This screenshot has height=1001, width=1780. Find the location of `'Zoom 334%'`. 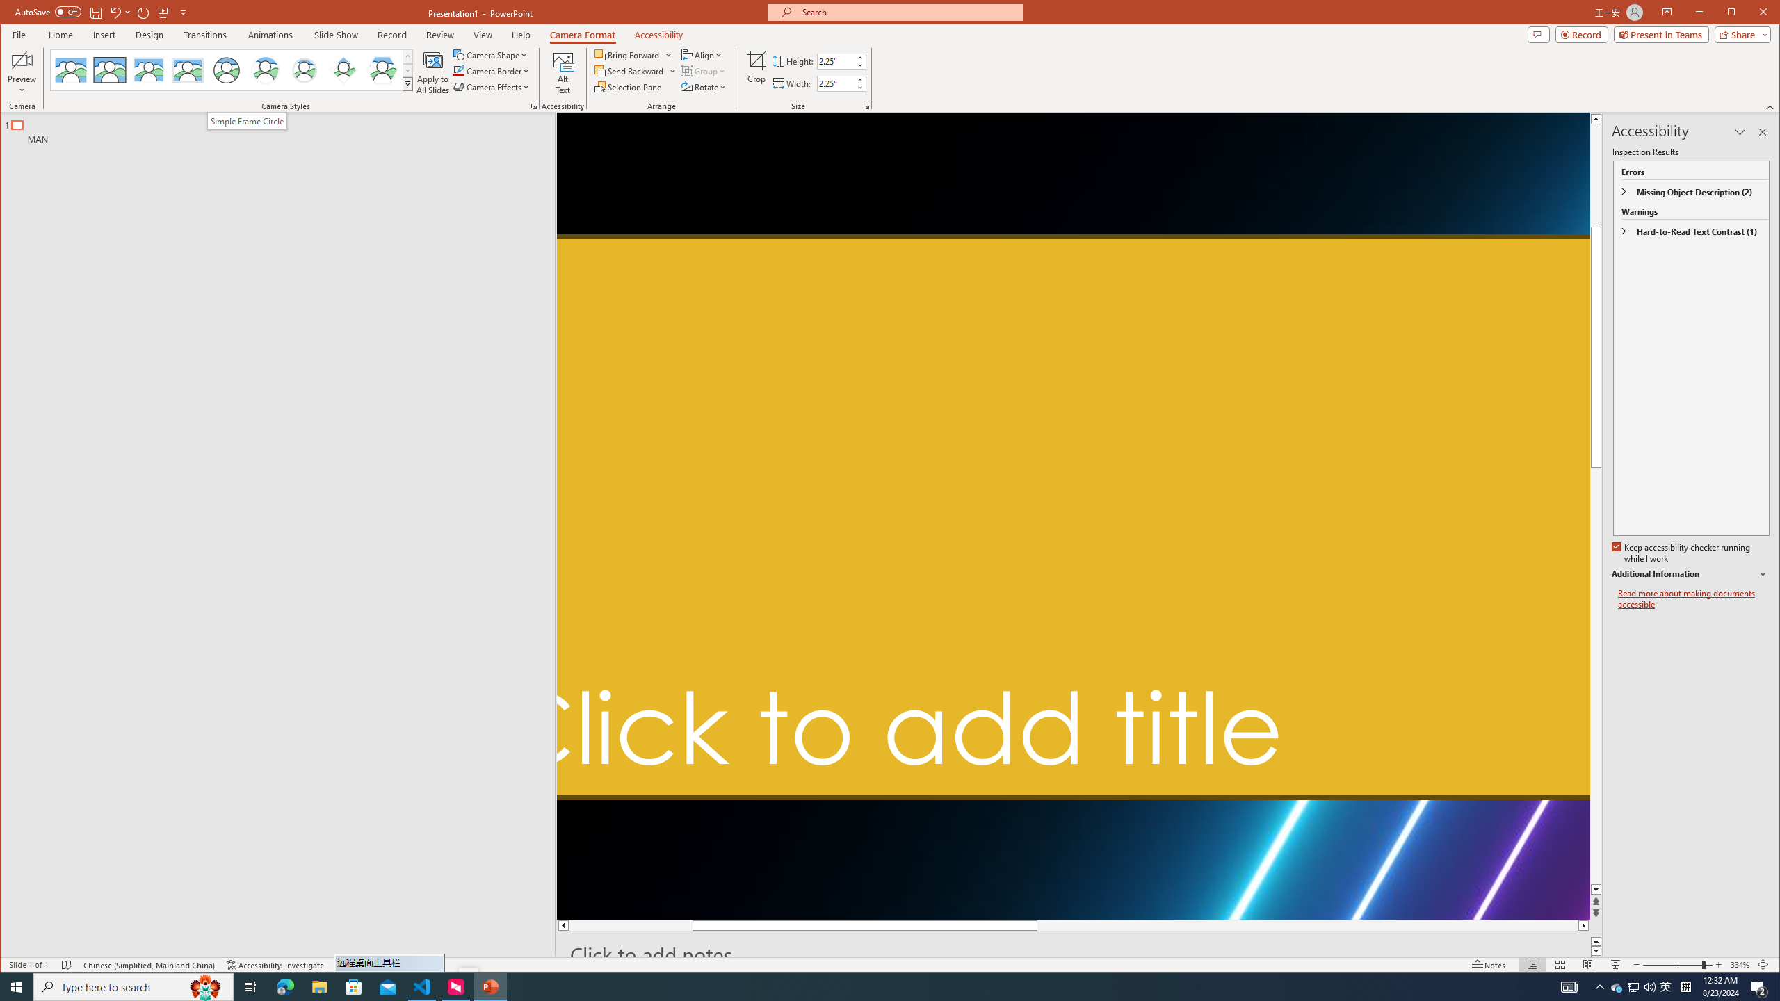

'Zoom 334%' is located at coordinates (1740, 964).